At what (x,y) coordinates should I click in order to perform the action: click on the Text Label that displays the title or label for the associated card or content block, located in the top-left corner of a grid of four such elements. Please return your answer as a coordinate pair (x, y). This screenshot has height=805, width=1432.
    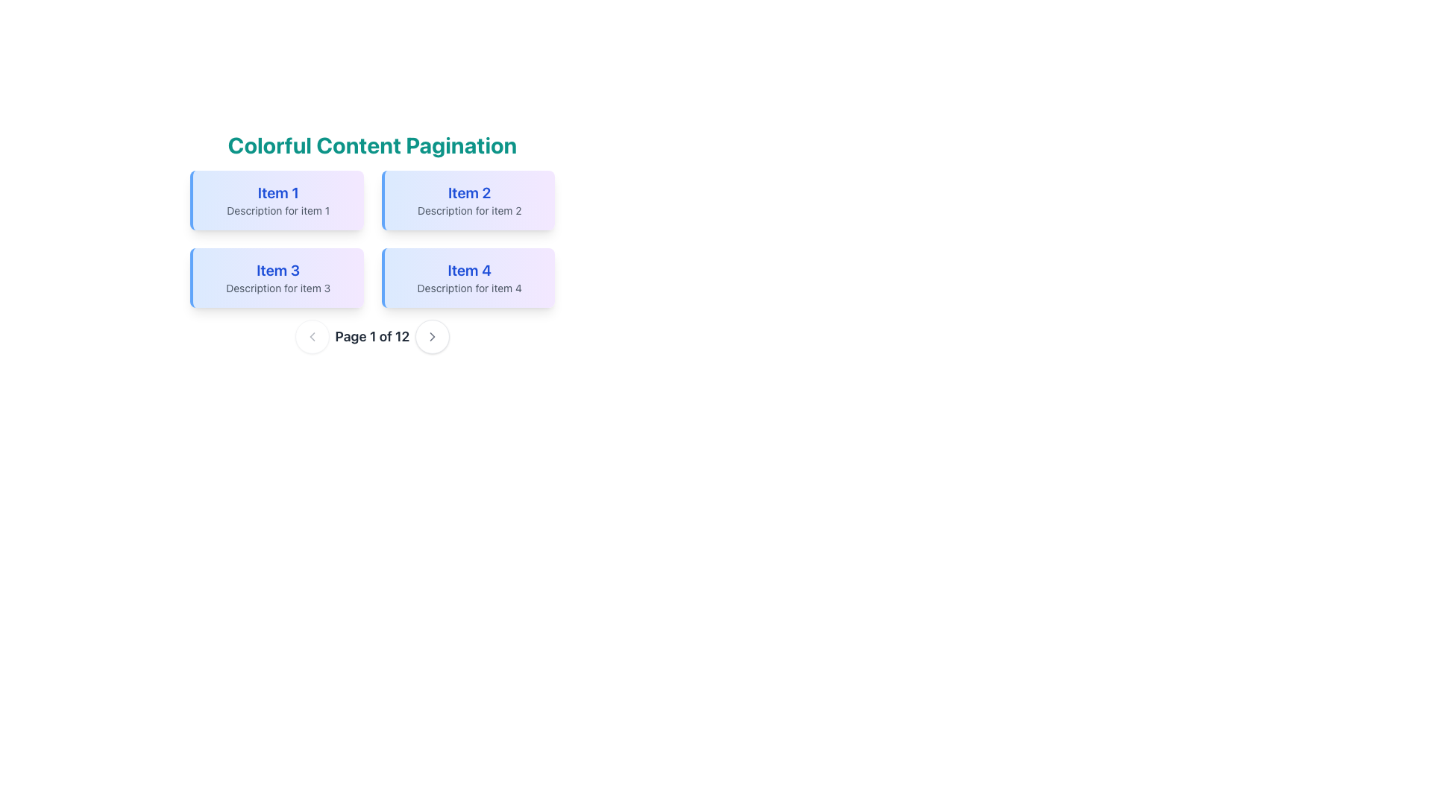
    Looking at the image, I should click on (278, 192).